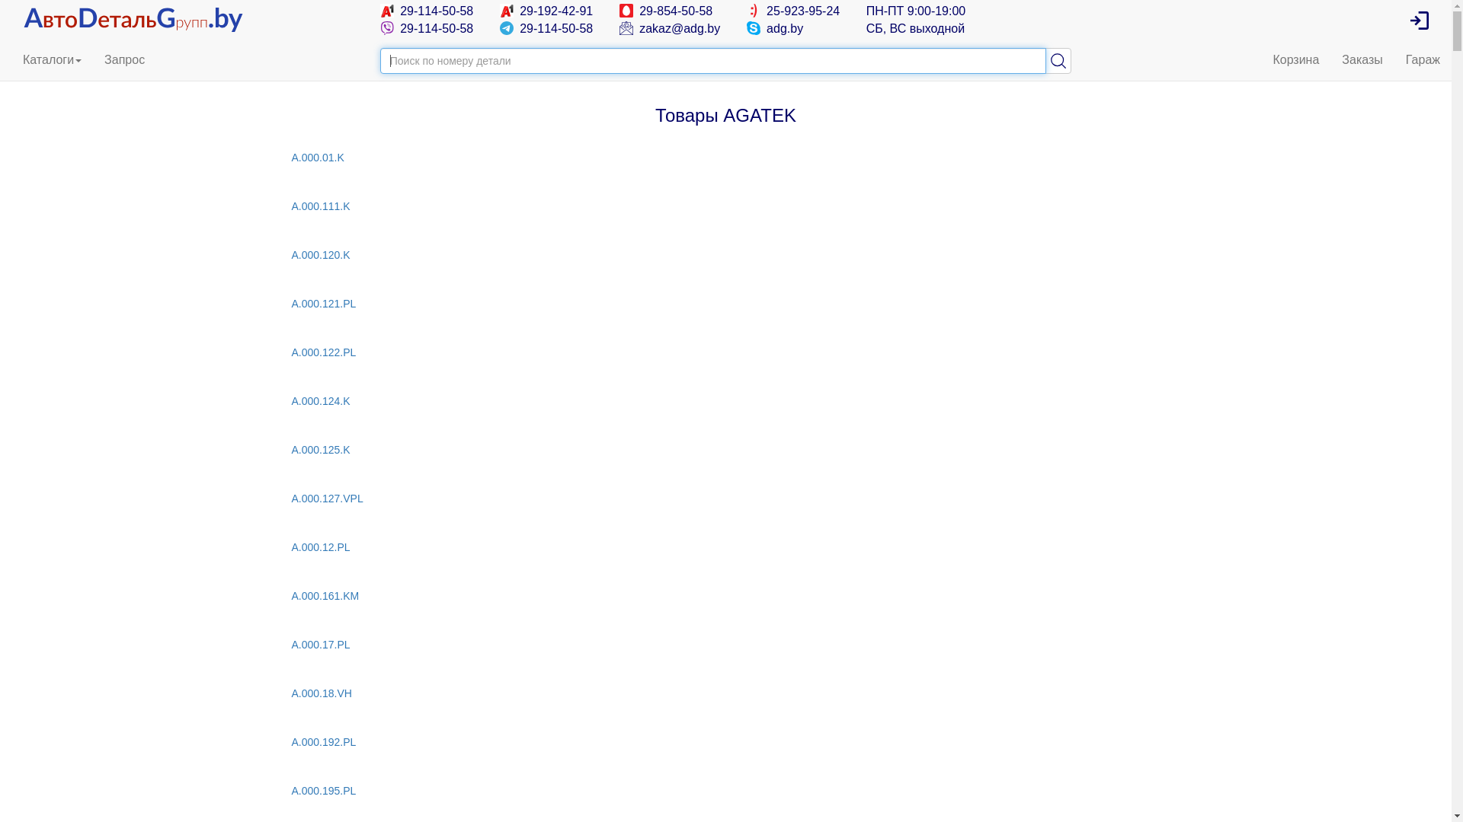 The image size is (1463, 822). I want to click on 'A.000.111.K', so click(724, 205).